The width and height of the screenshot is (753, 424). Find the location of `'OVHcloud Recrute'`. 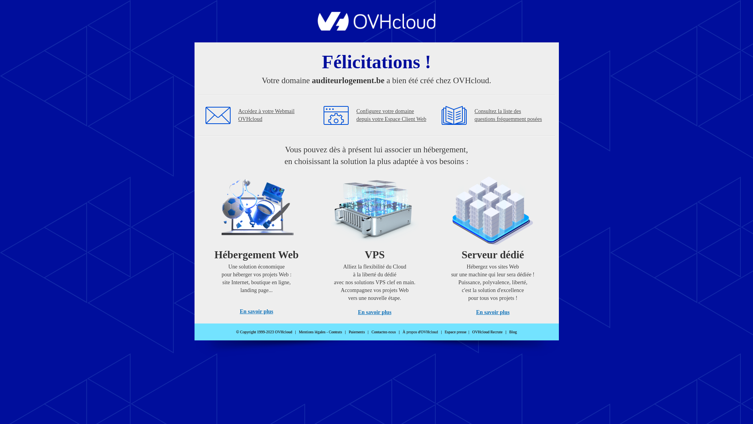

'OVHcloud Recrute' is located at coordinates (472, 332).